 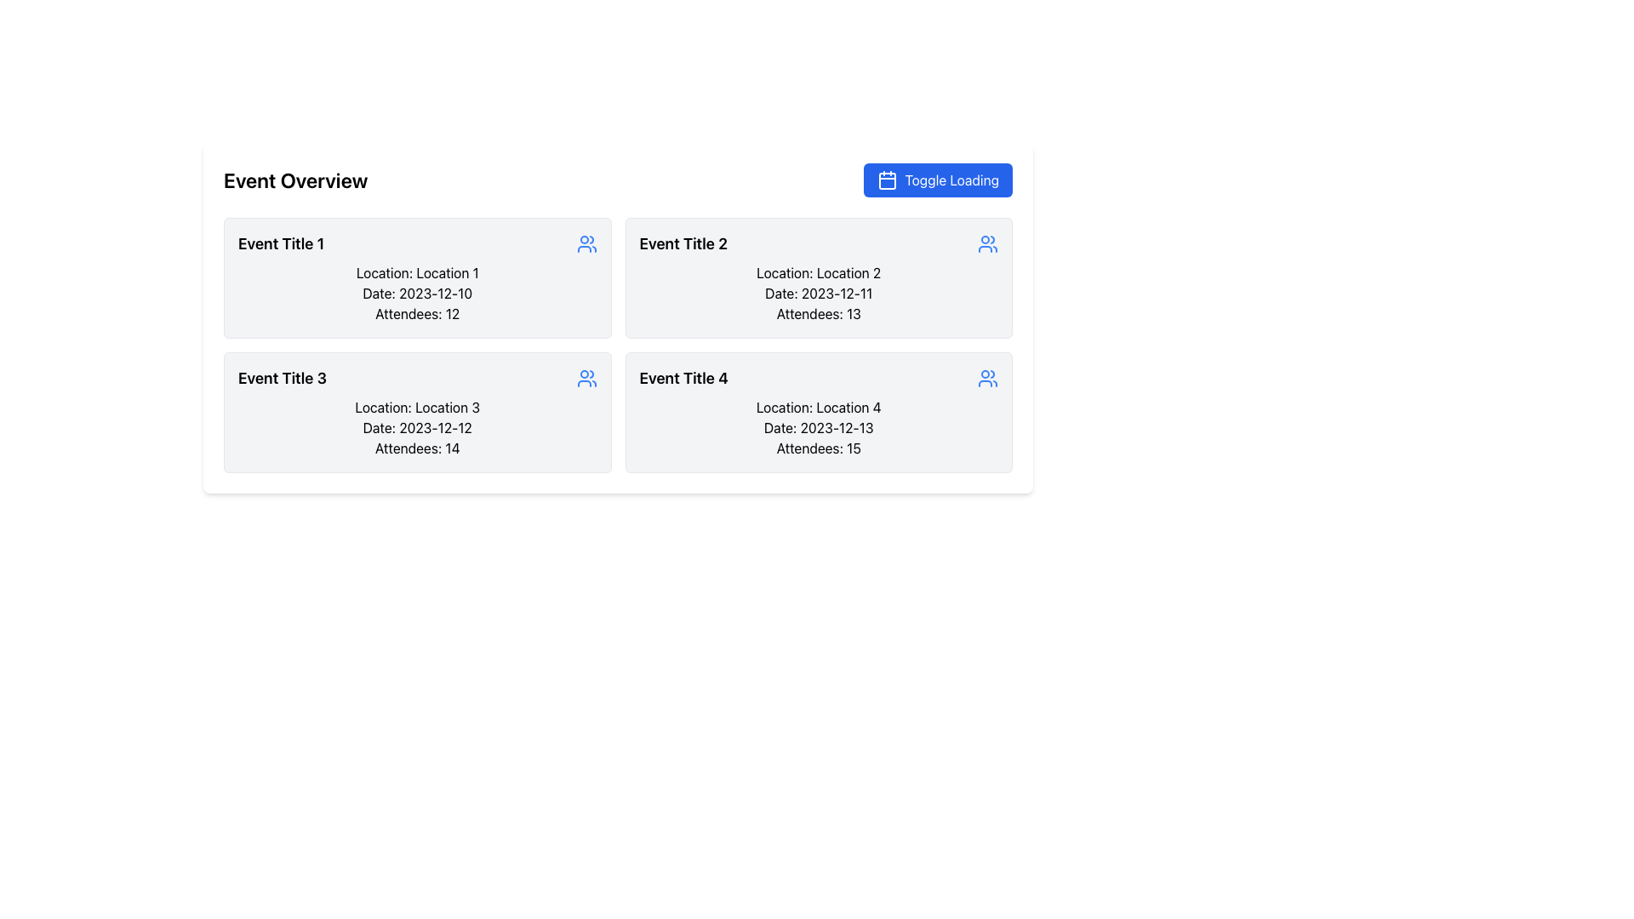 What do you see at coordinates (819, 292) in the screenshot?
I see `the text label displaying 'Date: 2023-12-11' which is located within the card labeled 'Event Title 2', positioned between 'Location: Location 2' and 'Attendees: 13'` at bounding box center [819, 292].